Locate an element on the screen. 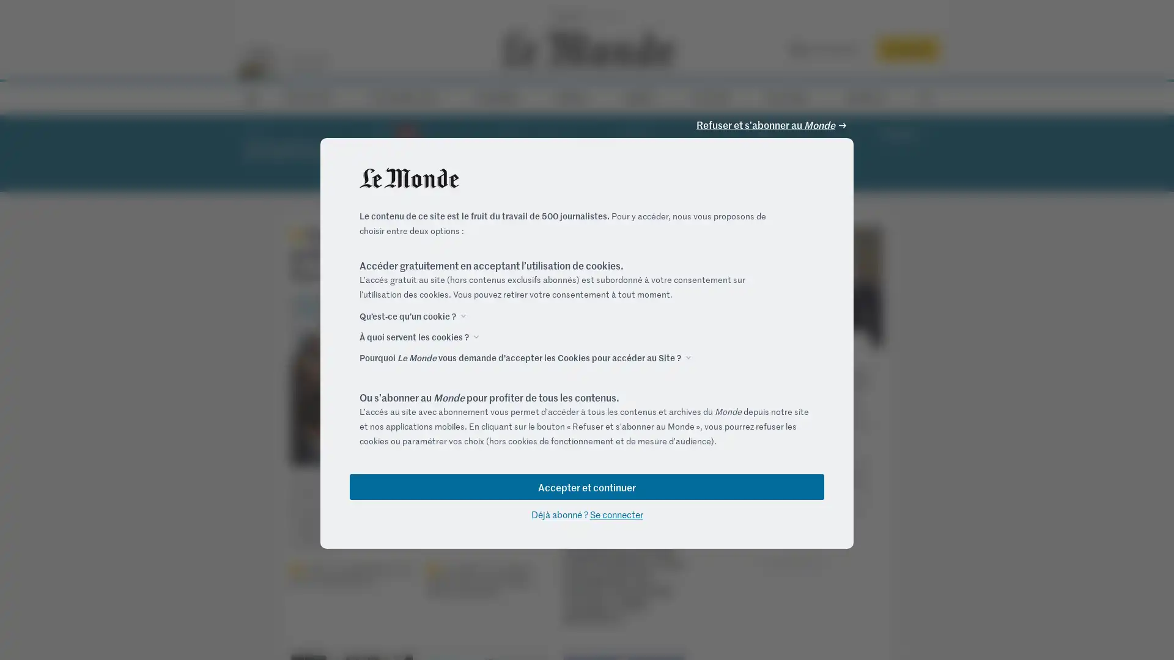 The width and height of the screenshot is (1174, 660). RECHERCHE is located at coordinates (924, 97).